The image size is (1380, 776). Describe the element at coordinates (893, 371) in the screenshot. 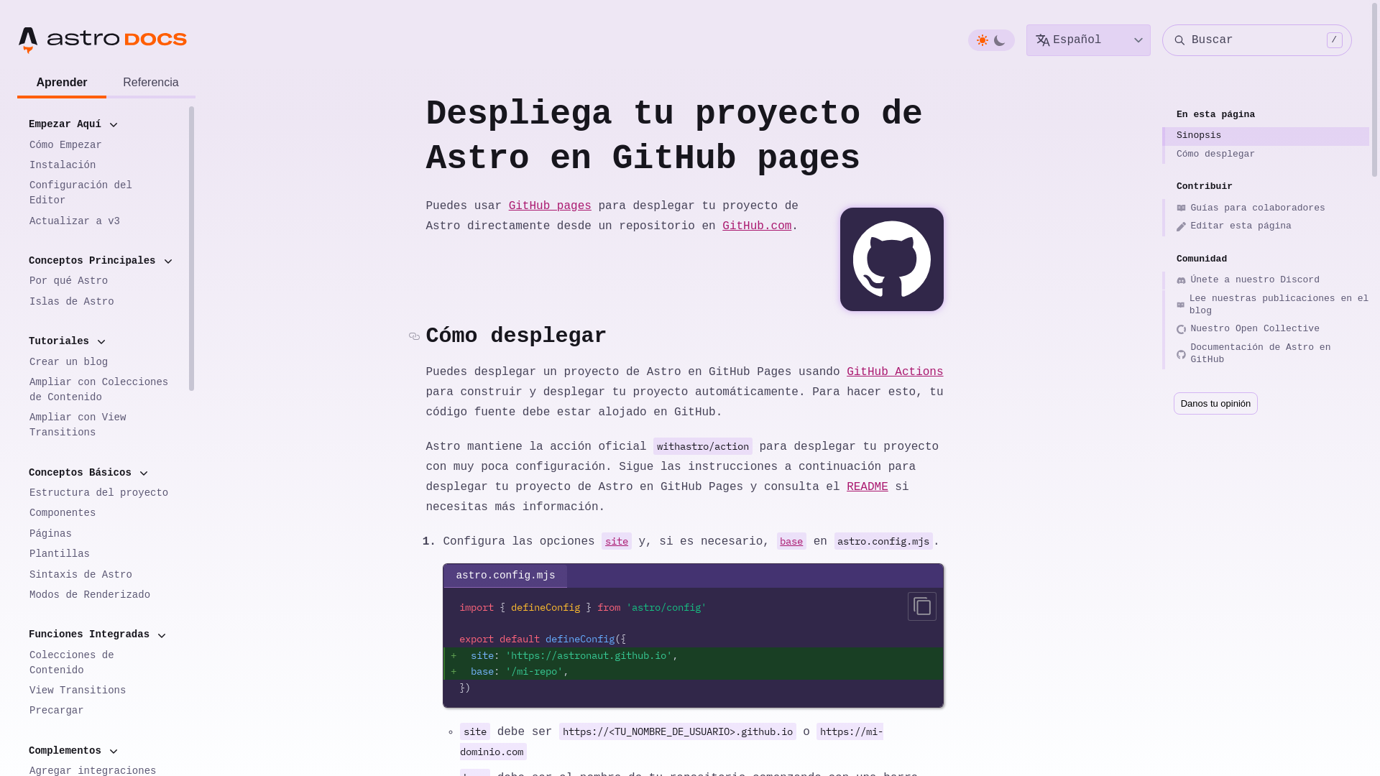

I see `'GitHub Actions'` at that location.